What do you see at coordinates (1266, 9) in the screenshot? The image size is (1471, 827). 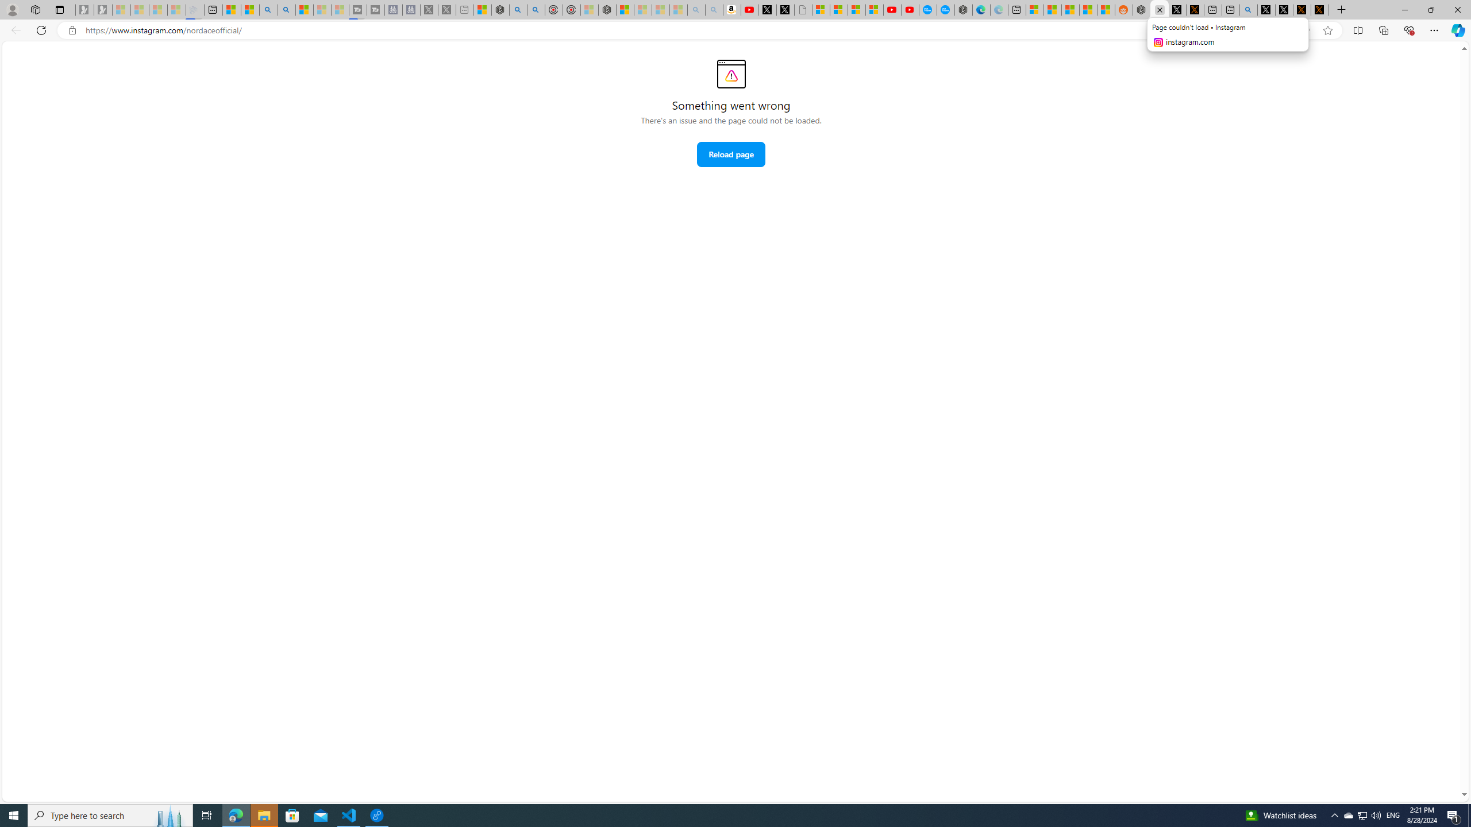 I see `'Profile / X'` at bounding box center [1266, 9].